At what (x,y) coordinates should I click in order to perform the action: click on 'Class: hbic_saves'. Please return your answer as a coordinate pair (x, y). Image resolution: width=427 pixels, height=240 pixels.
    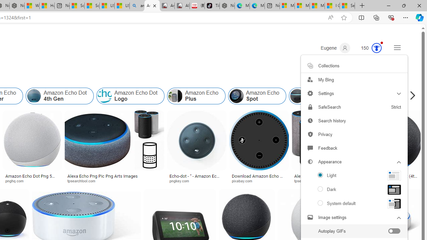
    Looking at the image, I should click on (310, 65).